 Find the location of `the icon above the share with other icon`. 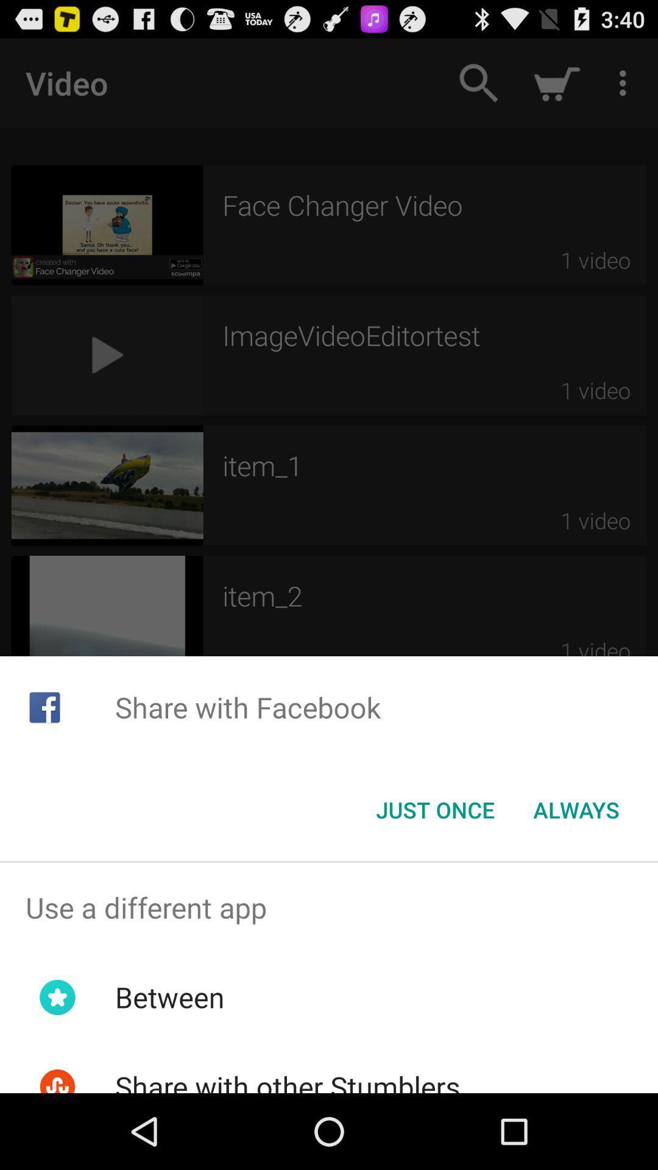

the icon above the share with other icon is located at coordinates (169, 997).